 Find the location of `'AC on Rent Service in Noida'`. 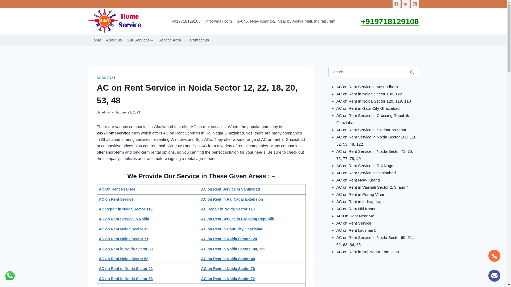

'AC on Rent Service in Noida' is located at coordinates (124, 219).